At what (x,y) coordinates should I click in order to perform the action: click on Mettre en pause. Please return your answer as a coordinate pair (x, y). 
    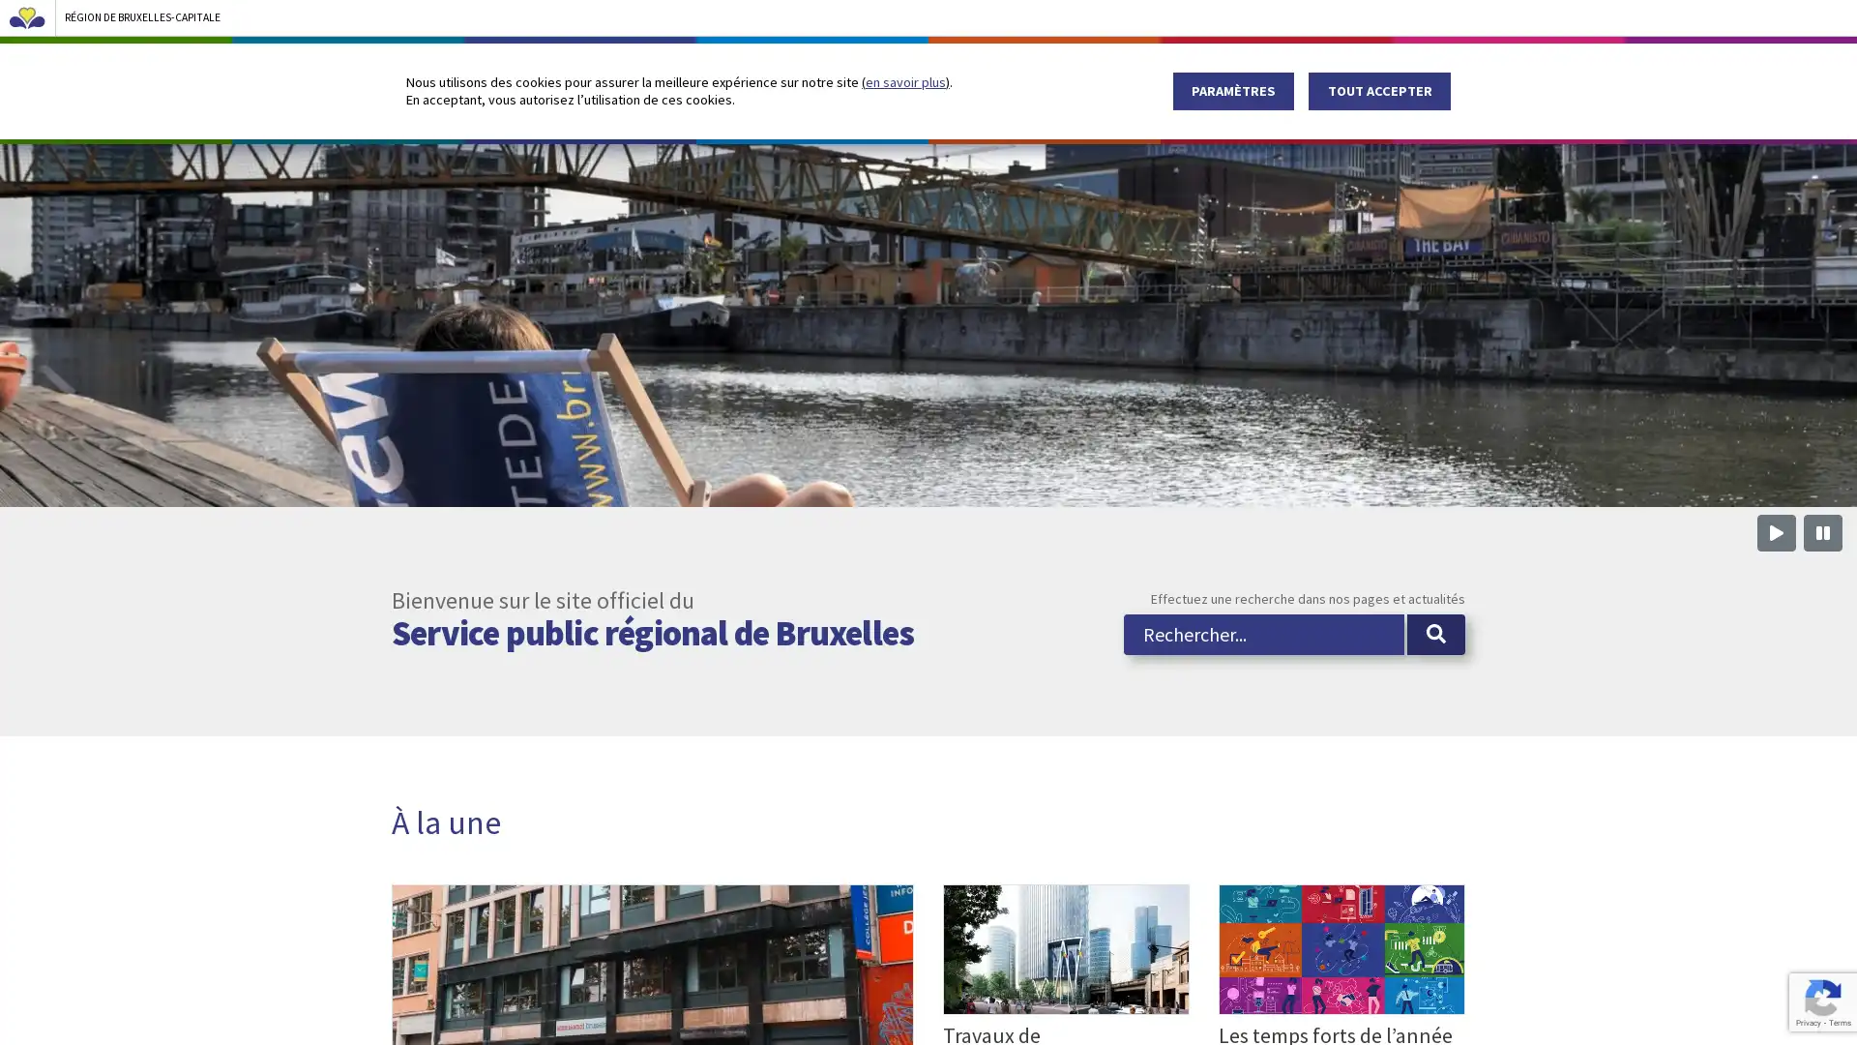
    Looking at the image, I should click on (1822, 588).